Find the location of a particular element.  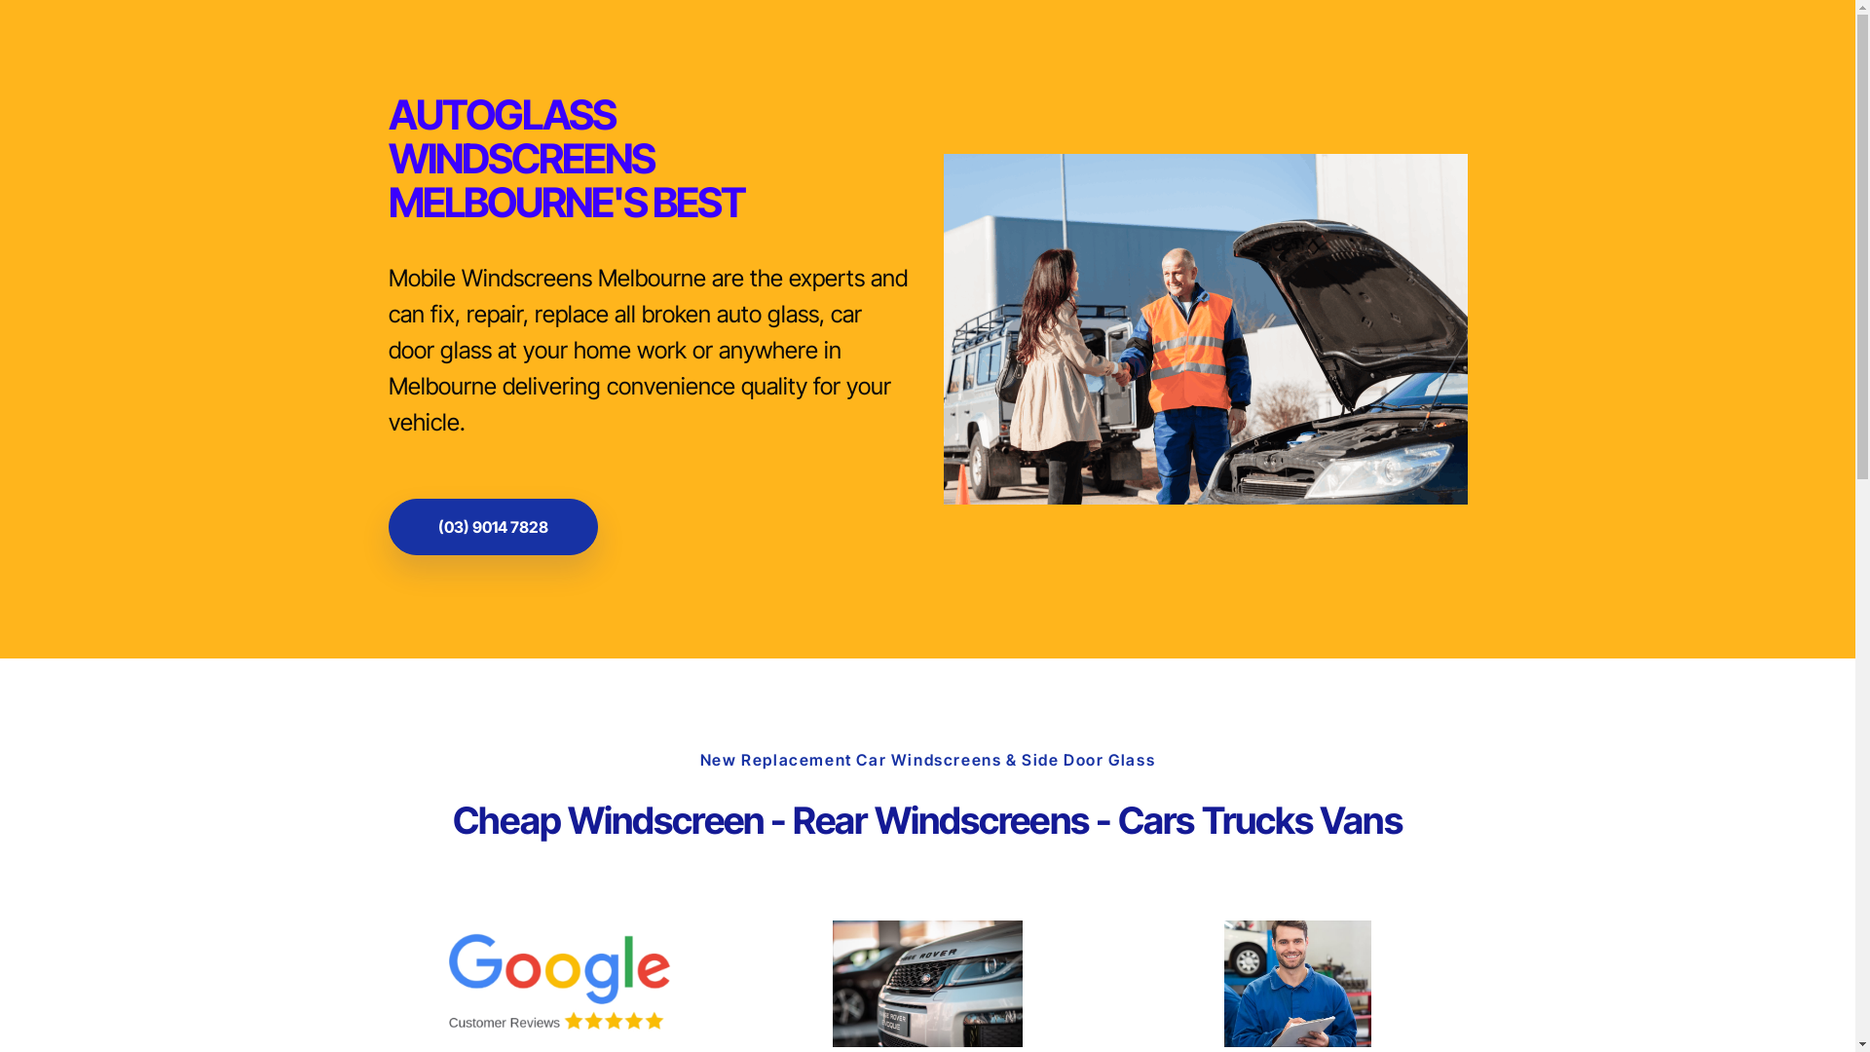

'(03) 9014 7828' is located at coordinates (492, 526).